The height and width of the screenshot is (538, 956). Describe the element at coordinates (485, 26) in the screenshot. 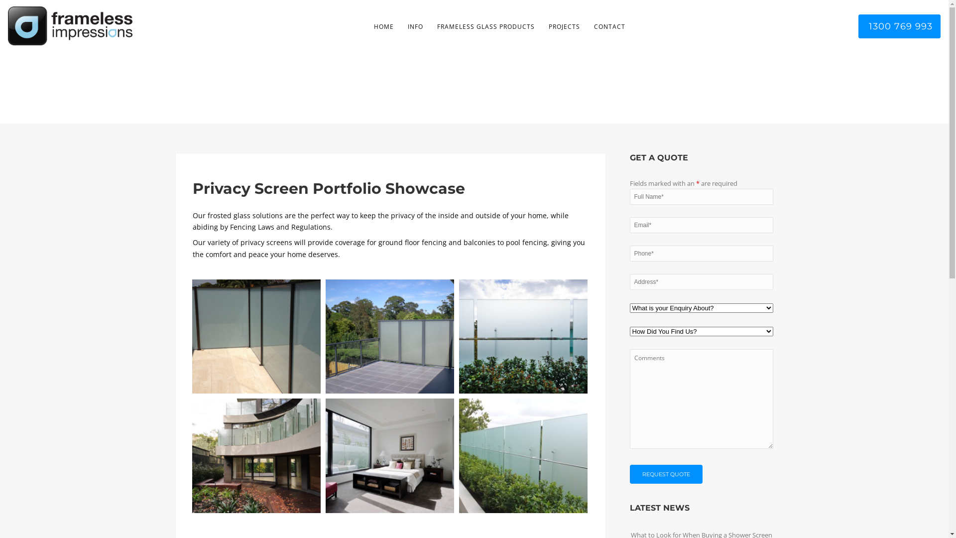

I see `'FRAMELESS GLASS PRODUCTS'` at that location.